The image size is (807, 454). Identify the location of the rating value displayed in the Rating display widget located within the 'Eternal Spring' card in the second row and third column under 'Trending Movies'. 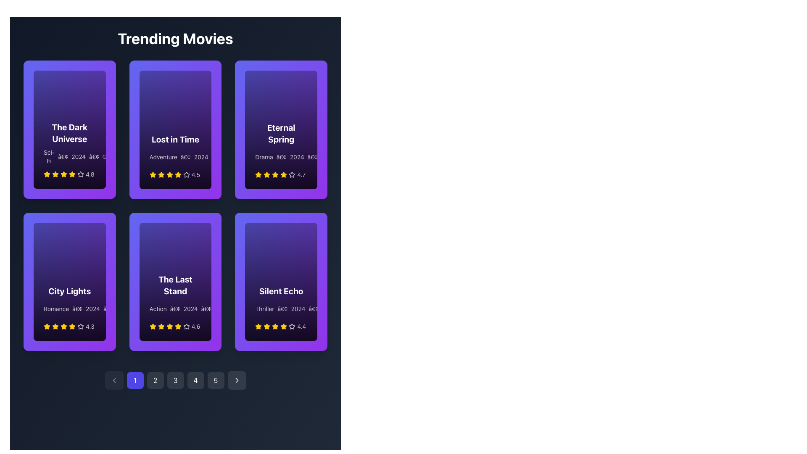
(281, 174).